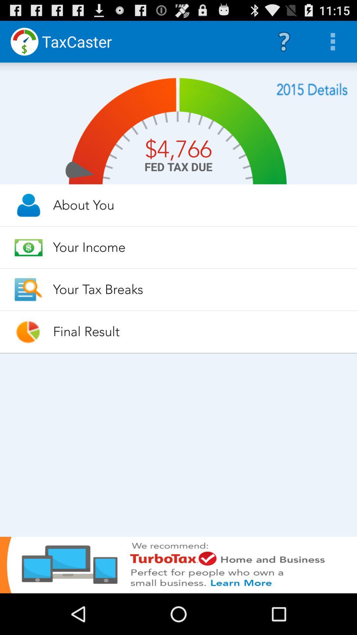 The height and width of the screenshot is (635, 357). What do you see at coordinates (199, 205) in the screenshot?
I see `about you` at bounding box center [199, 205].